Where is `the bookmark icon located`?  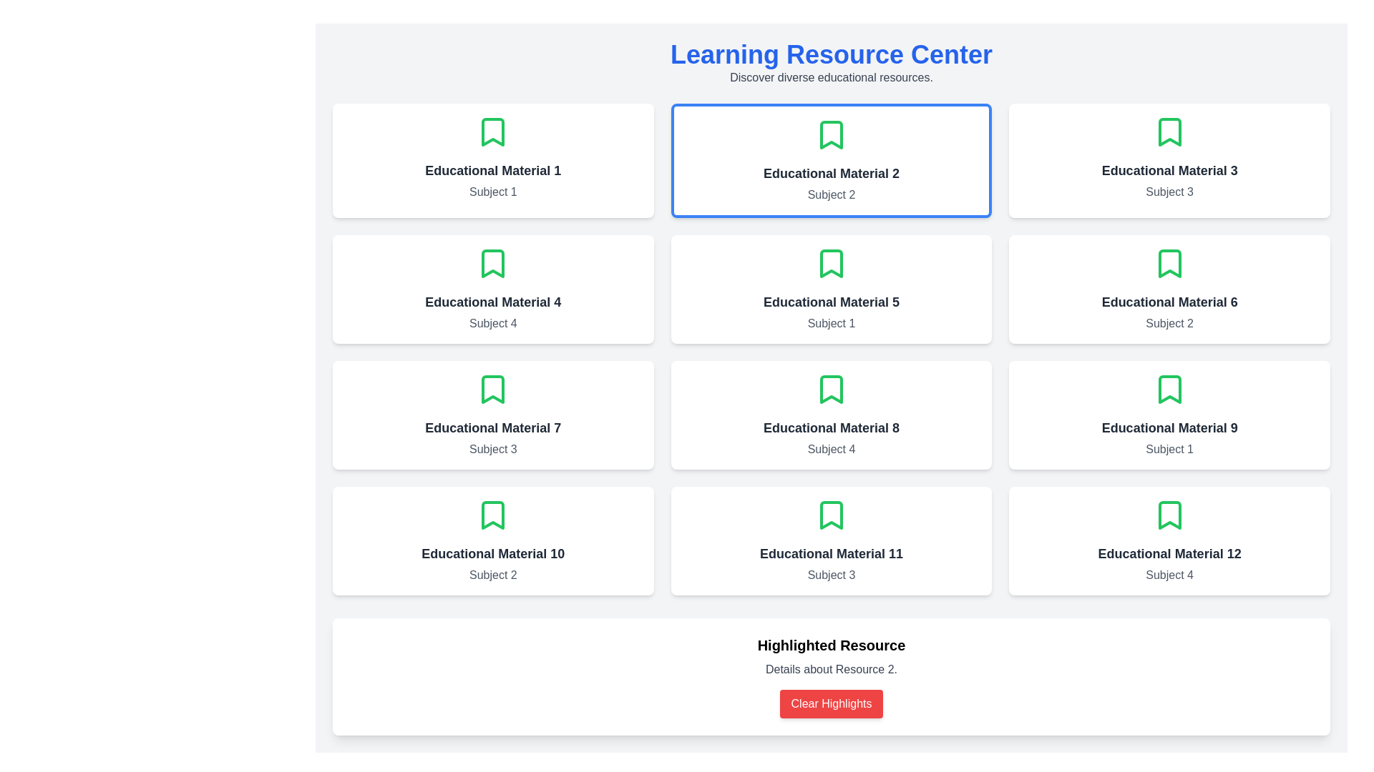 the bookmark icon located is located at coordinates (493, 132).